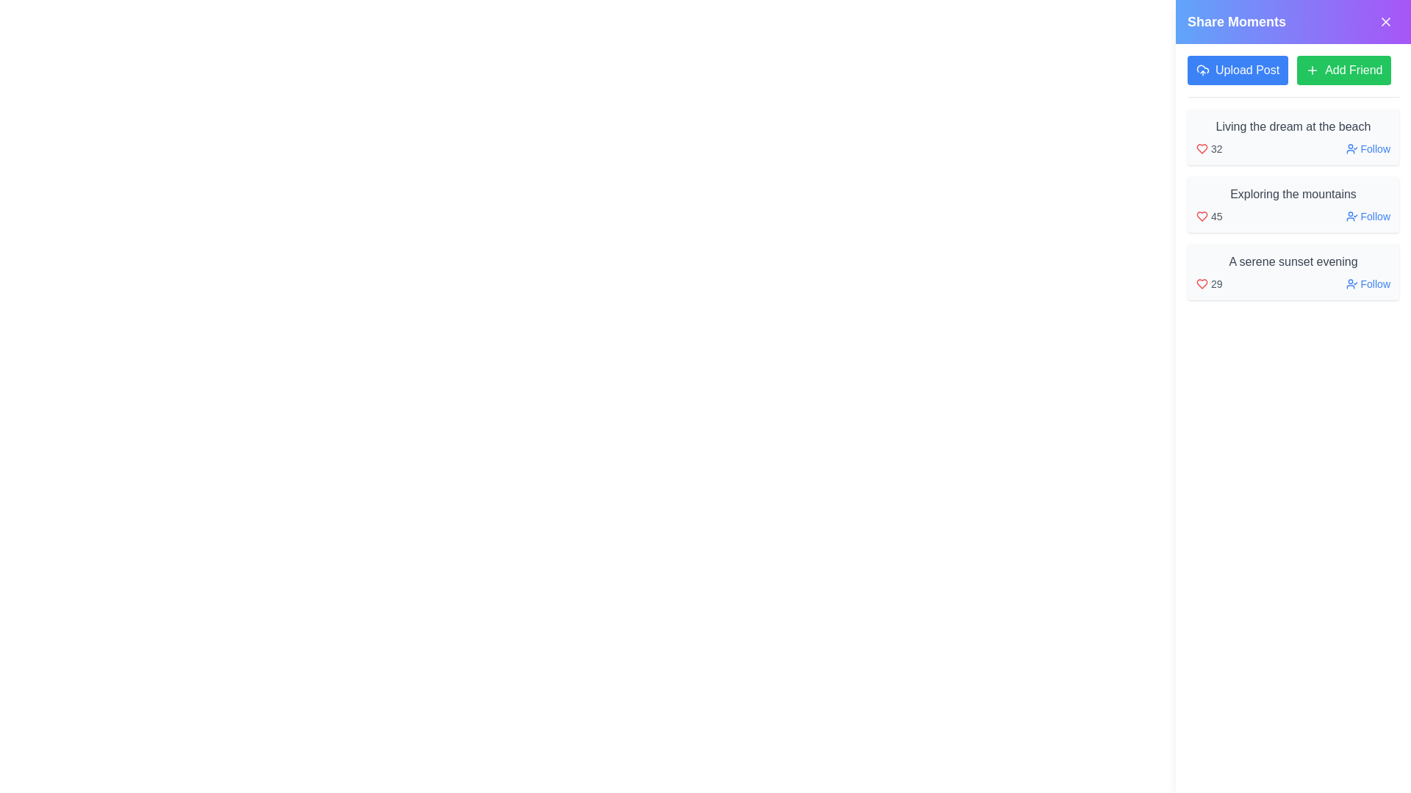 The image size is (1411, 793). What do you see at coordinates (1367, 216) in the screenshot?
I see `the 'Follow' button, which is a blue text label next to a user icon, located on the right side of the 'Exploring the mountains' row` at bounding box center [1367, 216].